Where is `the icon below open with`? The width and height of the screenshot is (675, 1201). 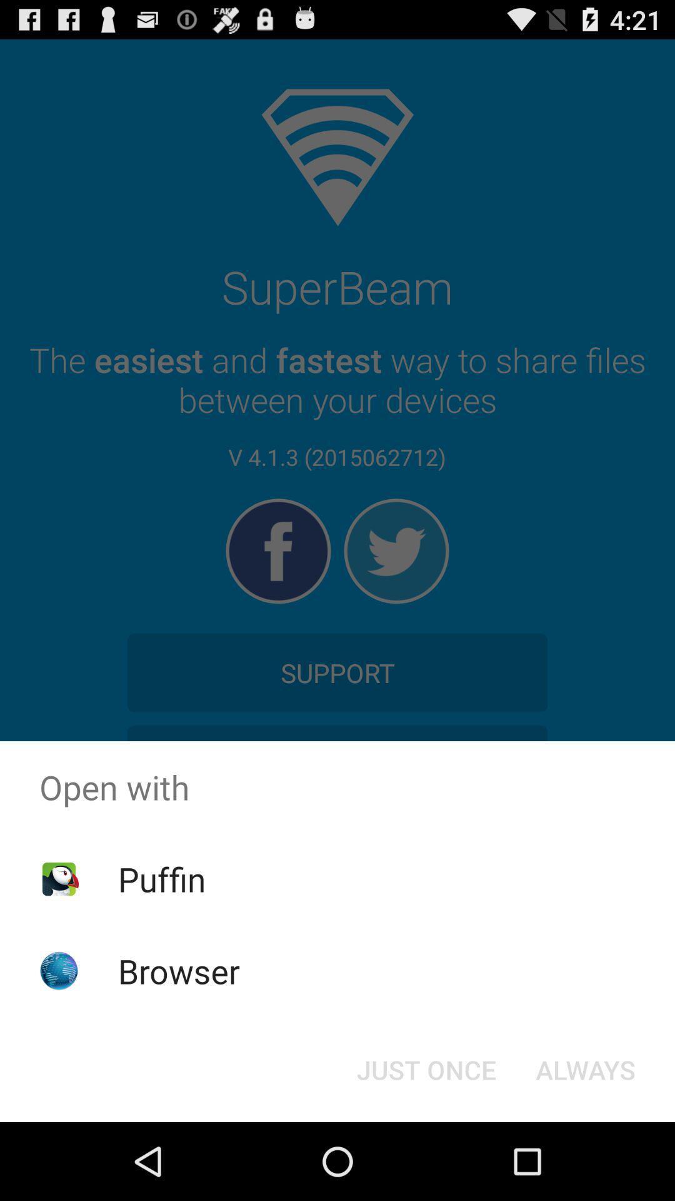 the icon below open with is located at coordinates (426, 1068).